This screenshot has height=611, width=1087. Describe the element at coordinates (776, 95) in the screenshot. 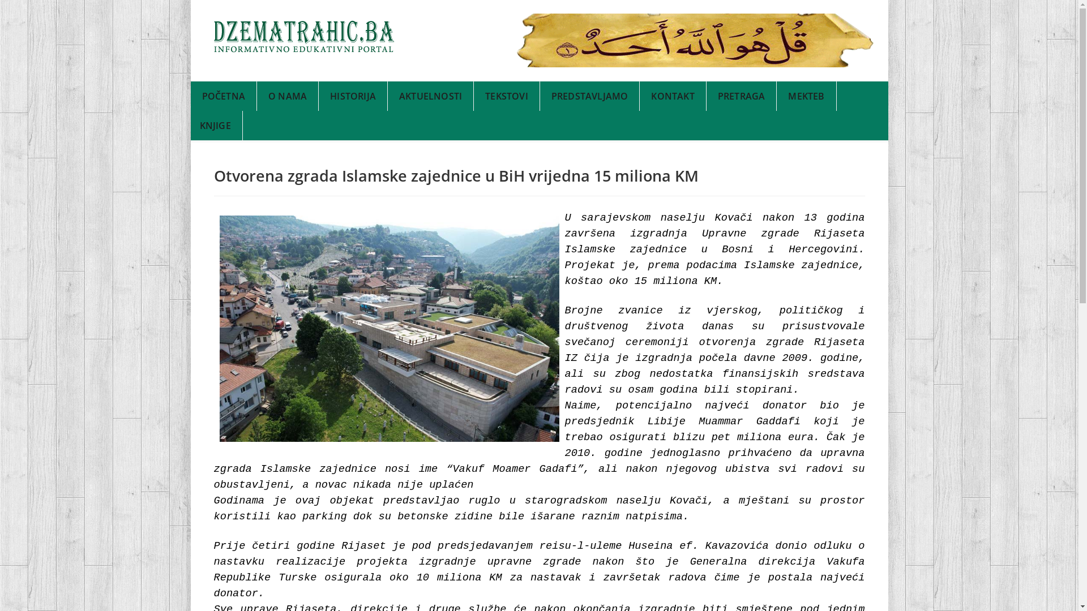

I see `'MEKTEB'` at that location.